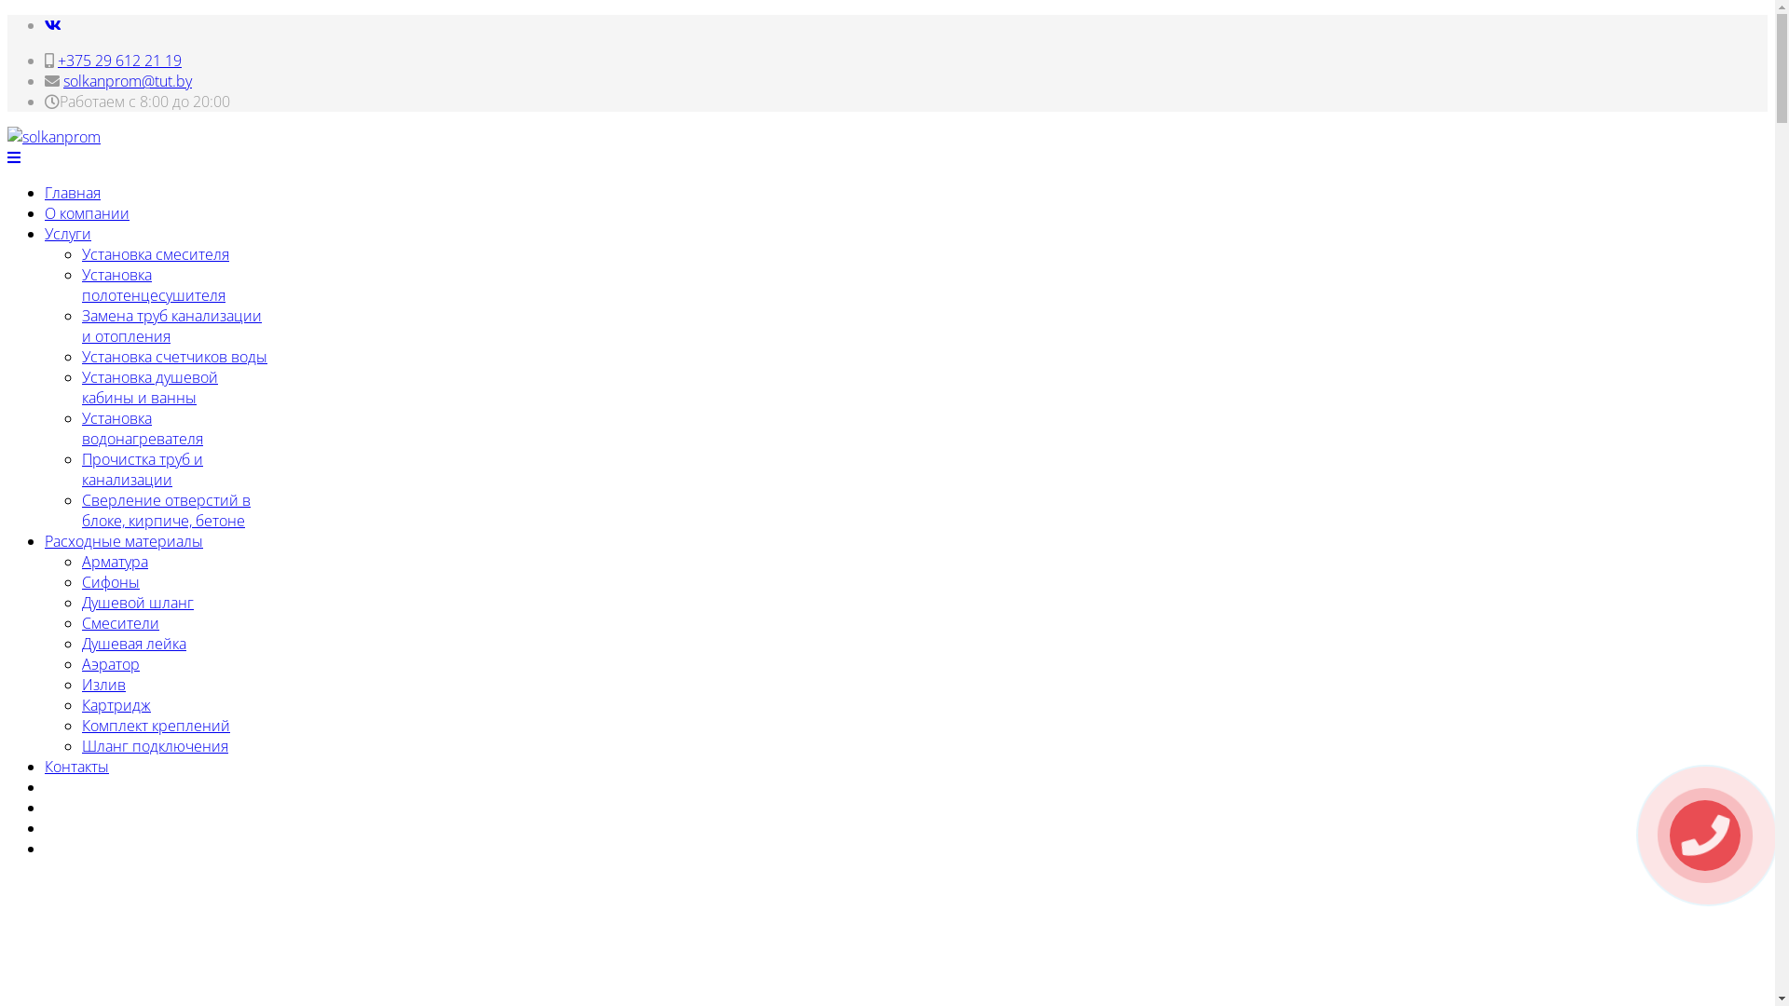 This screenshot has height=1006, width=1789. I want to click on '+375 29 612 21 19', so click(118, 60).